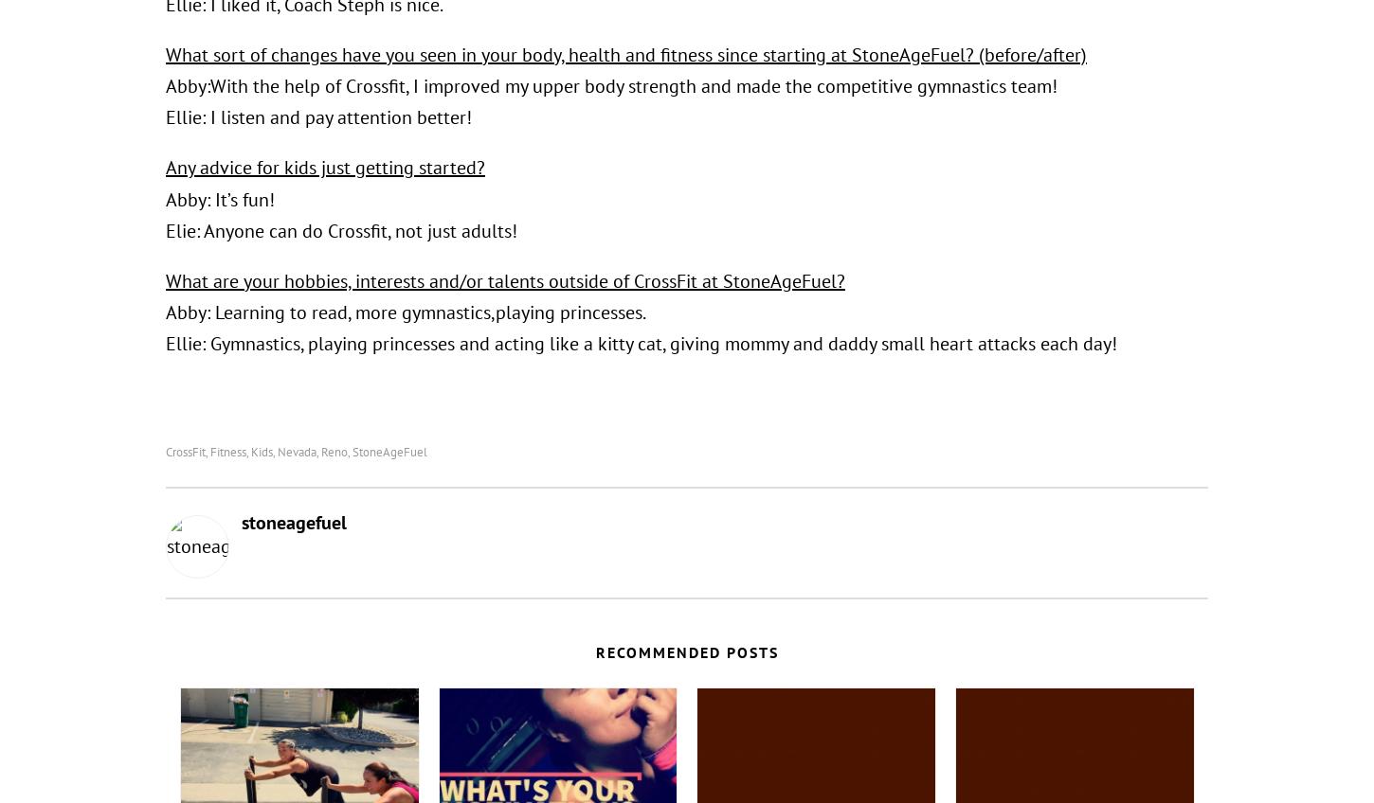 Image resolution: width=1374 pixels, height=803 pixels. I want to click on 'Ellie: Gymnastics, playing princesses and acting like a kitty cat, giving mommy and daddy small heart attacks each day!', so click(641, 343).